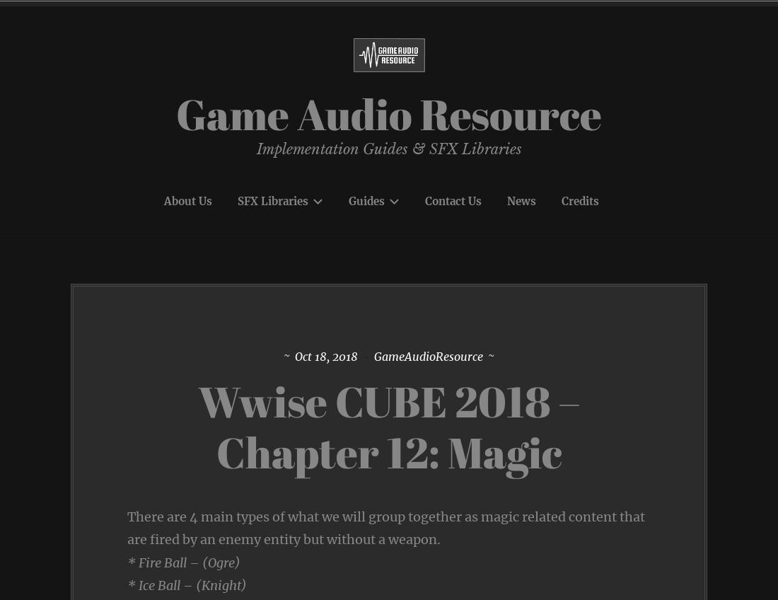  Describe the element at coordinates (325, 356) in the screenshot. I see `'Oct 18, 2018'` at that location.